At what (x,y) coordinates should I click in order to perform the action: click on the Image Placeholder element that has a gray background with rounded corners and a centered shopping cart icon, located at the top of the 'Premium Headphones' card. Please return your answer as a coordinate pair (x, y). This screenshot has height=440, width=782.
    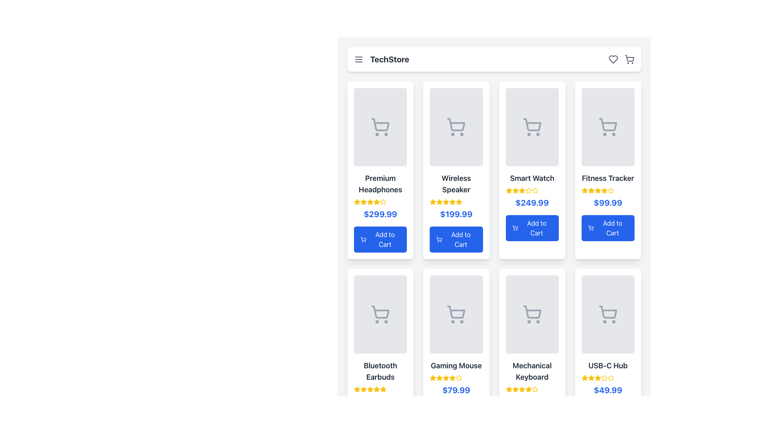
    Looking at the image, I should click on (380, 127).